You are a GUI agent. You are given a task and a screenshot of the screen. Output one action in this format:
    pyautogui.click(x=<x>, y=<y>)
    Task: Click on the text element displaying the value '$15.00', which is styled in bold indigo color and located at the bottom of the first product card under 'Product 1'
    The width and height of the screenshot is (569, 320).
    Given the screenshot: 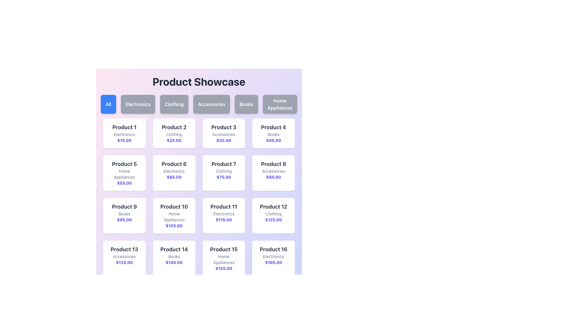 What is the action you would take?
    pyautogui.click(x=124, y=140)
    